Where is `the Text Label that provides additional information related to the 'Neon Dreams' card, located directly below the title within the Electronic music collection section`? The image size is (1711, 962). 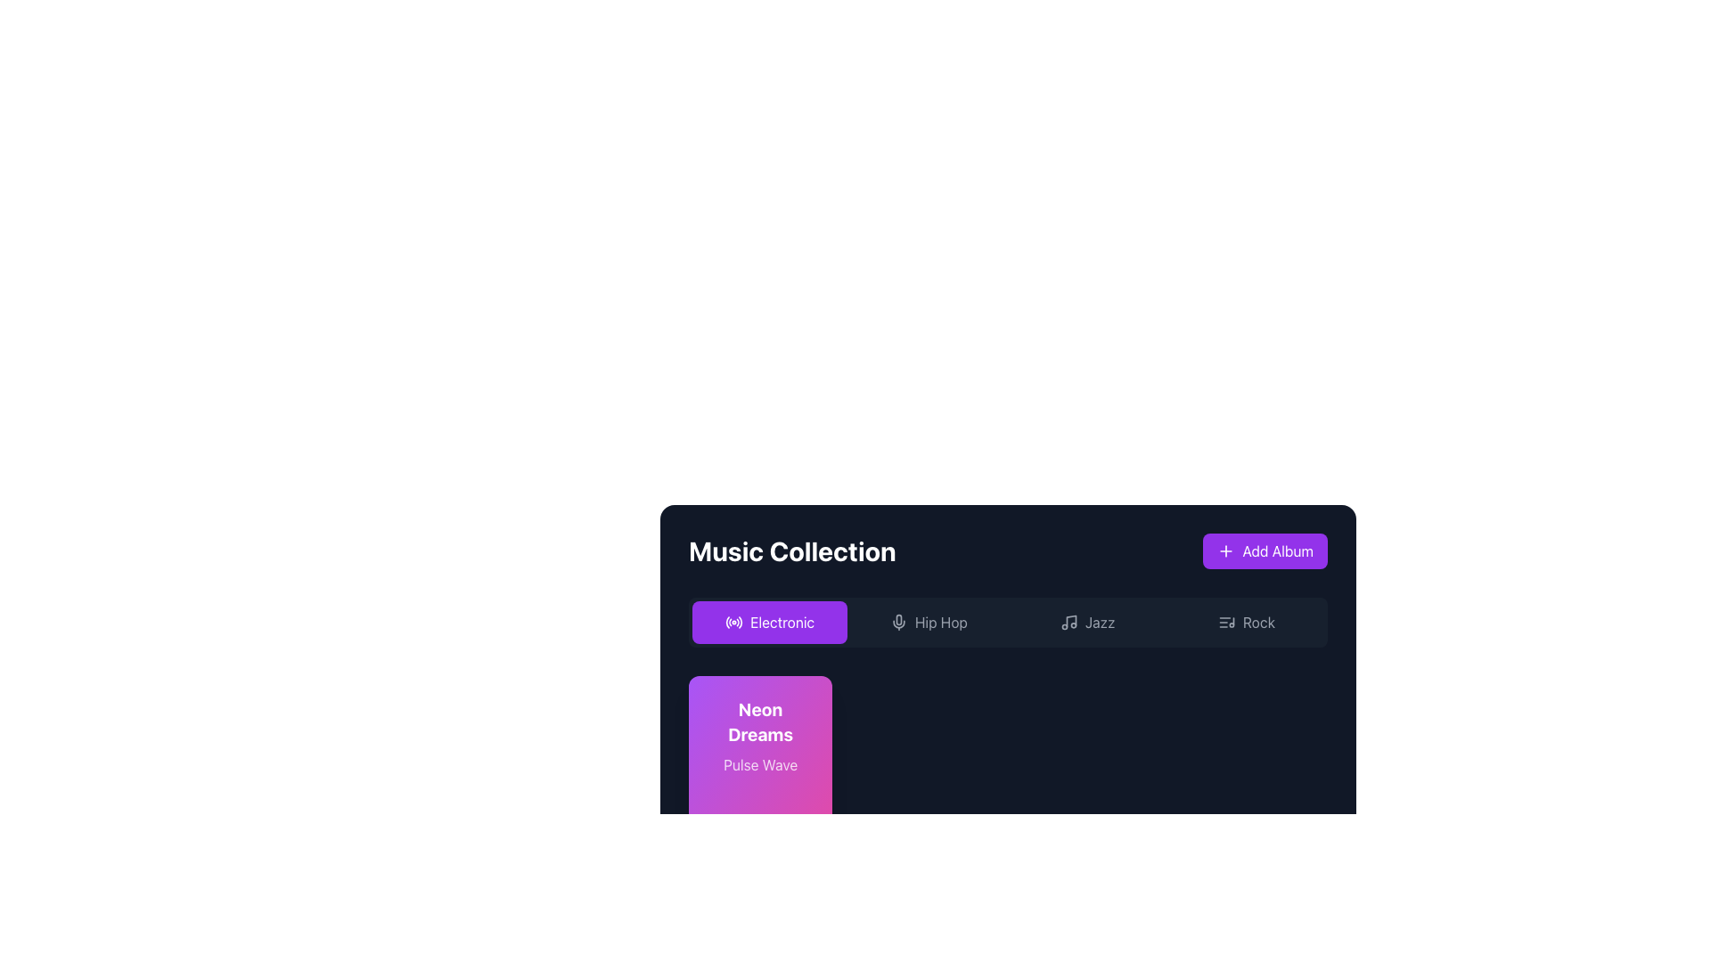 the Text Label that provides additional information related to the 'Neon Dreams' card, located directly below the title within the Electronic music collection section is located at coordinates (760, 764).